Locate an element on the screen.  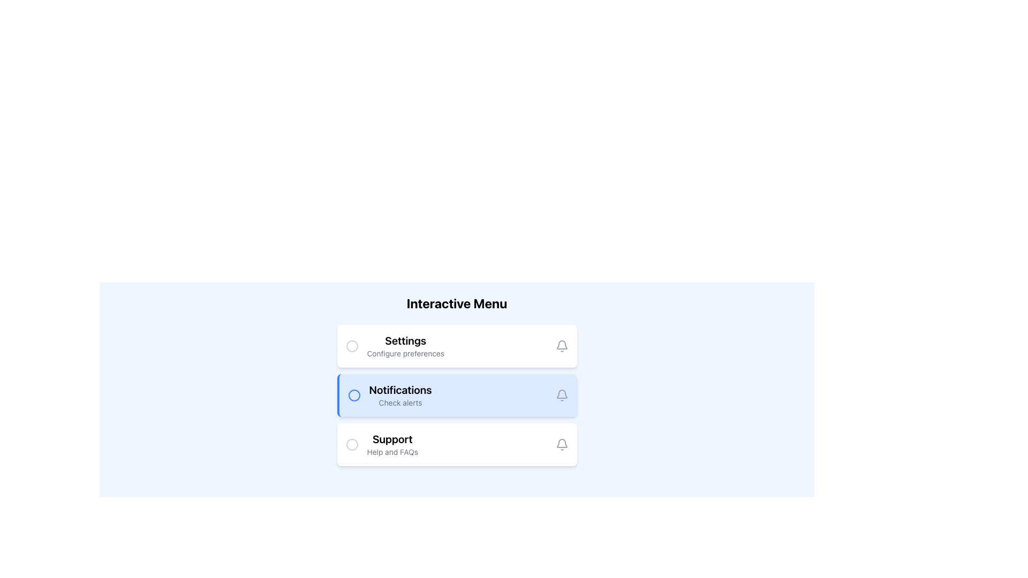
the Label and Icon Pair element, which serves as a title and brief description for the first settings card in the vertical stack is located at coordinates (394, 346).